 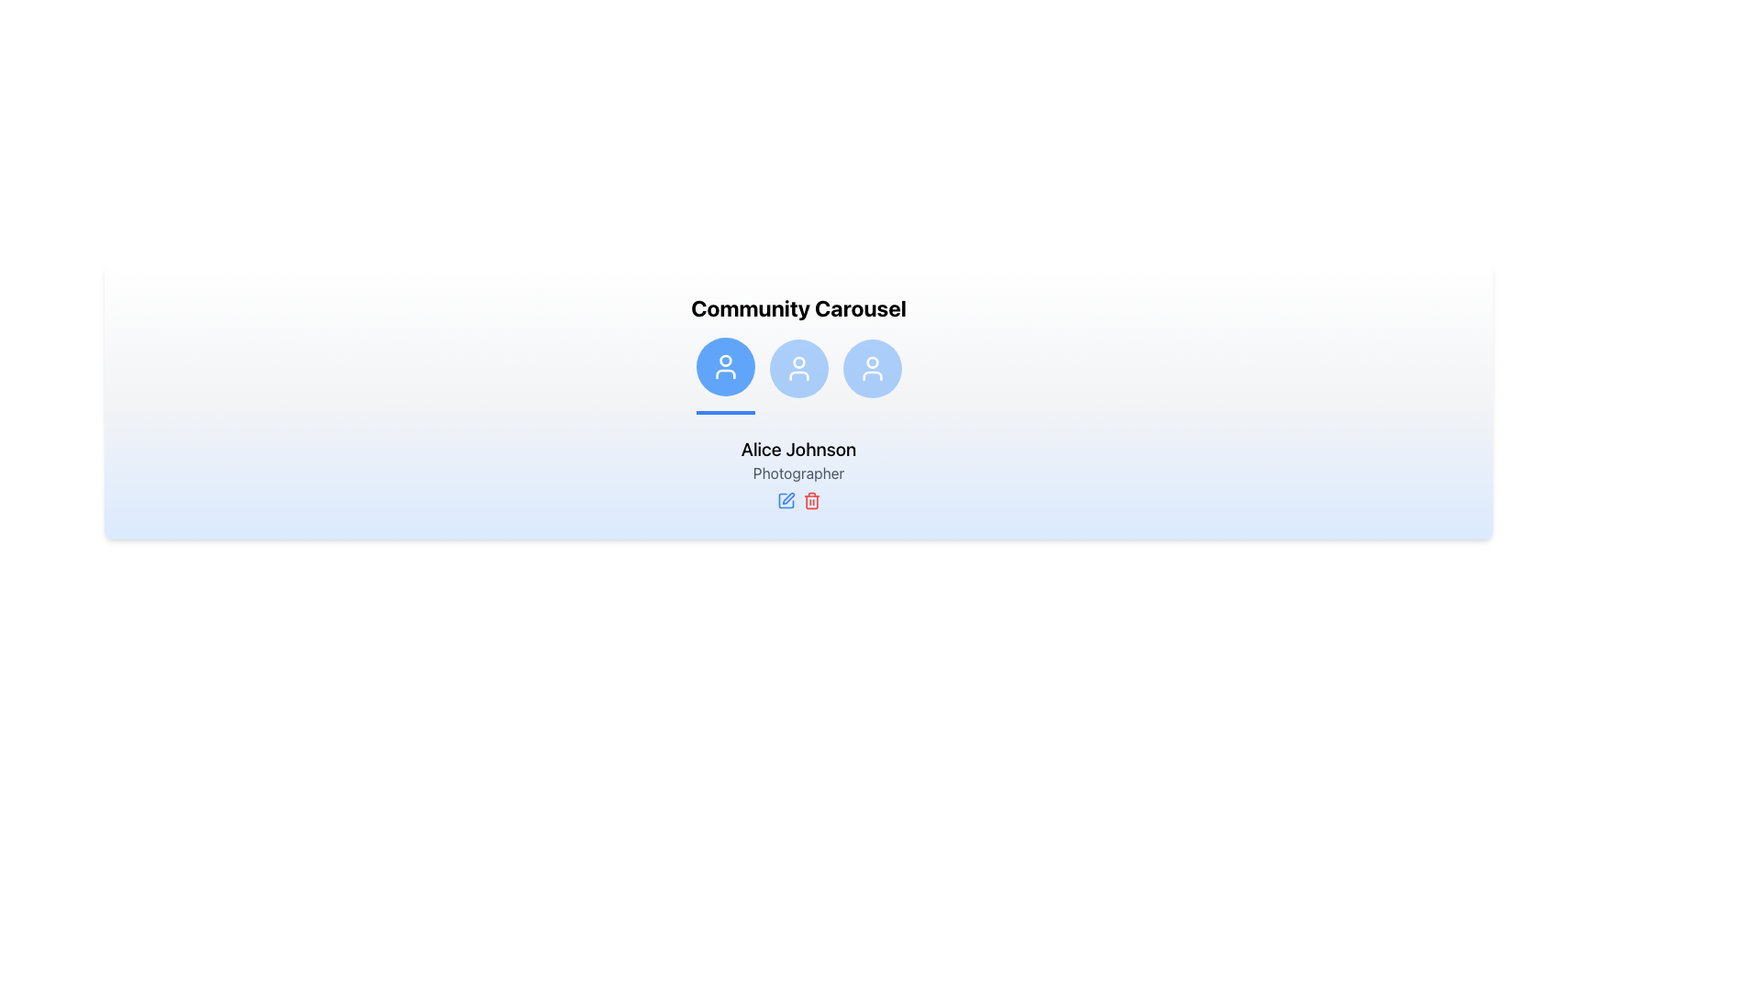 I want to click on the faded circular blue icon with a white user avatar symbol, so click(x=798, y=374).